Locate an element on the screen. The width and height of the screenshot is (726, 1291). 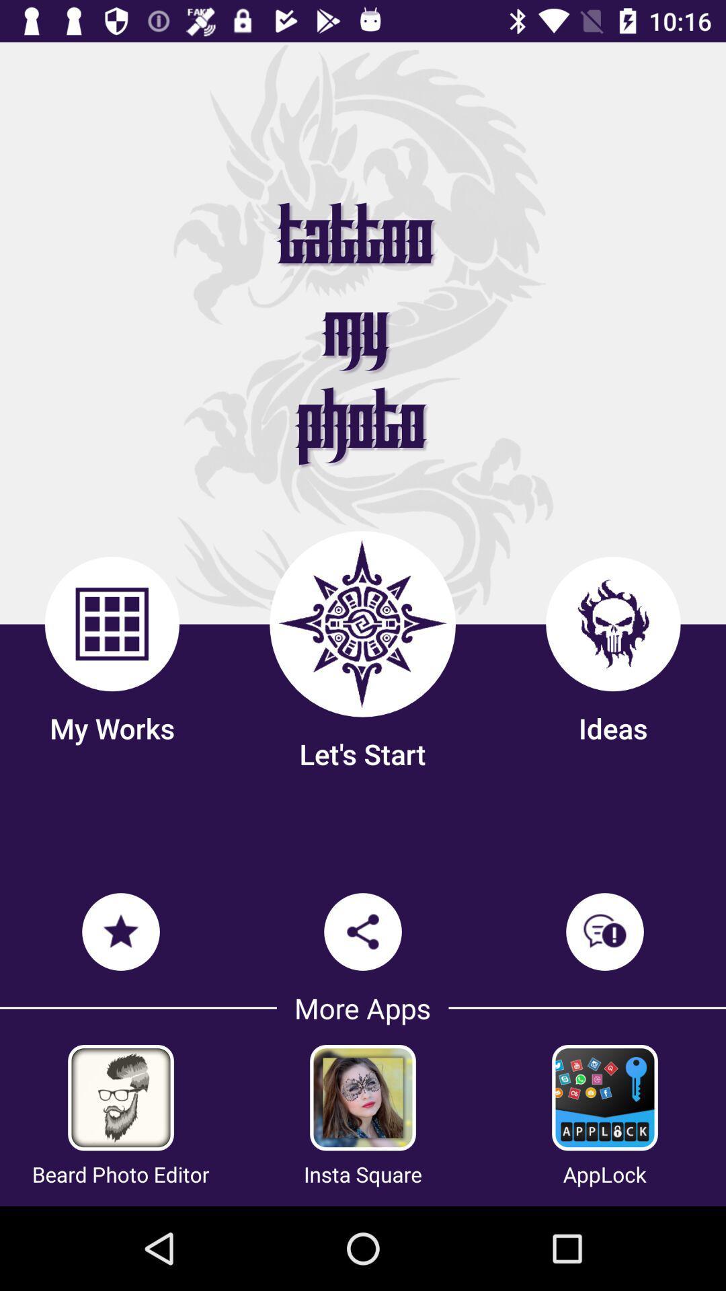
the item next to insta square icon is located at coordinates (604, 1173).